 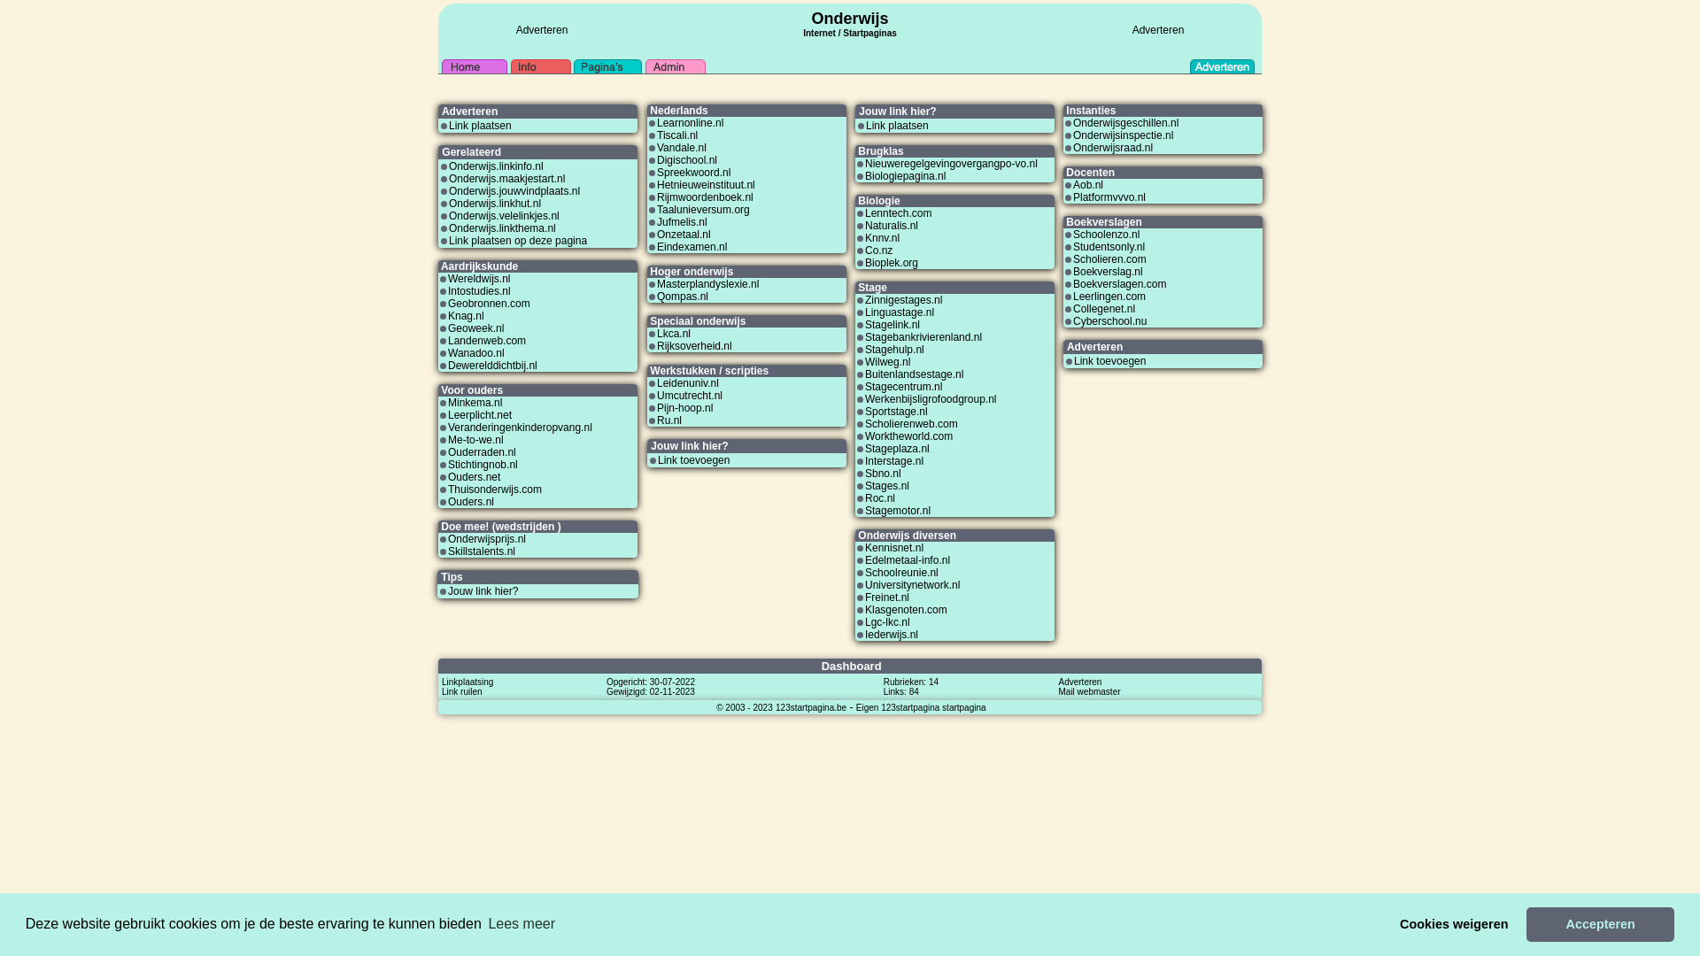 I want to click on 'Ru.nl', so click(x=656, y=420).